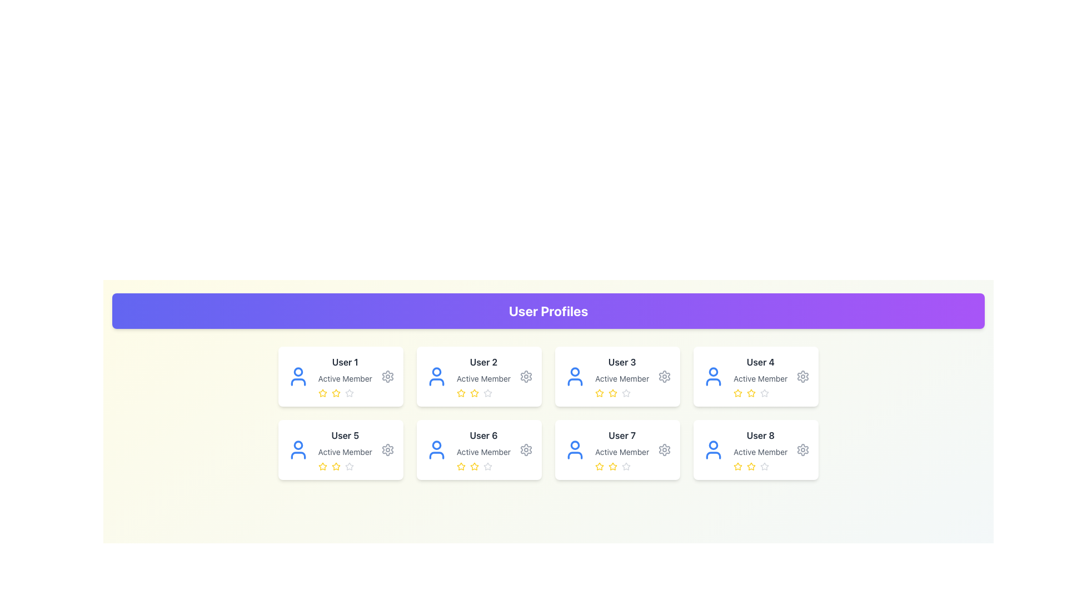  What do you see at coordinates (387, 450) in the screenshot?
I see `the cogwheel-shaped icon button located in the second row, first column of the grid layout under the tile labeled 'User 5'` at bounding box center [387, 450].